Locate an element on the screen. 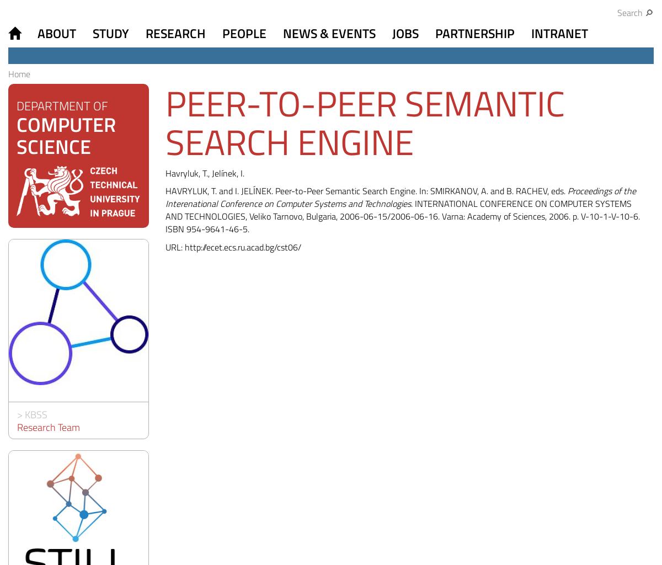  'Havryluk, T.,' is located at coordinates (188, 172).